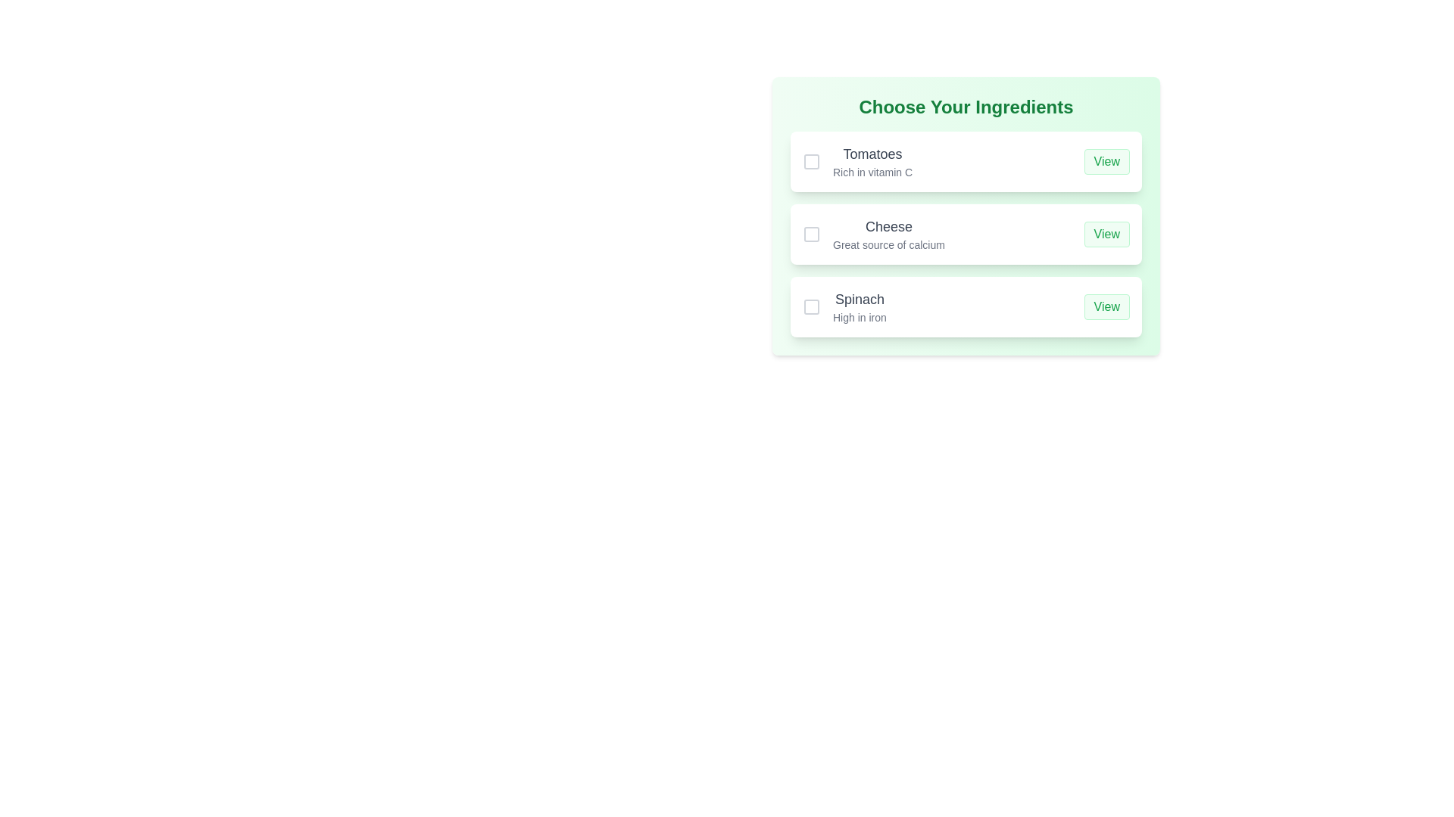 The width and height of the screenshot is (1454, 817). What do you see at coordinates (873, 234) in the screenshot?
I see `the informational label describing the ingredient 'Cheese' which states 'Great source of calcium' located in the middle option of the vertically stacked list within the 'Choose Your Ingredients' card` at bounding box center [873, 234].